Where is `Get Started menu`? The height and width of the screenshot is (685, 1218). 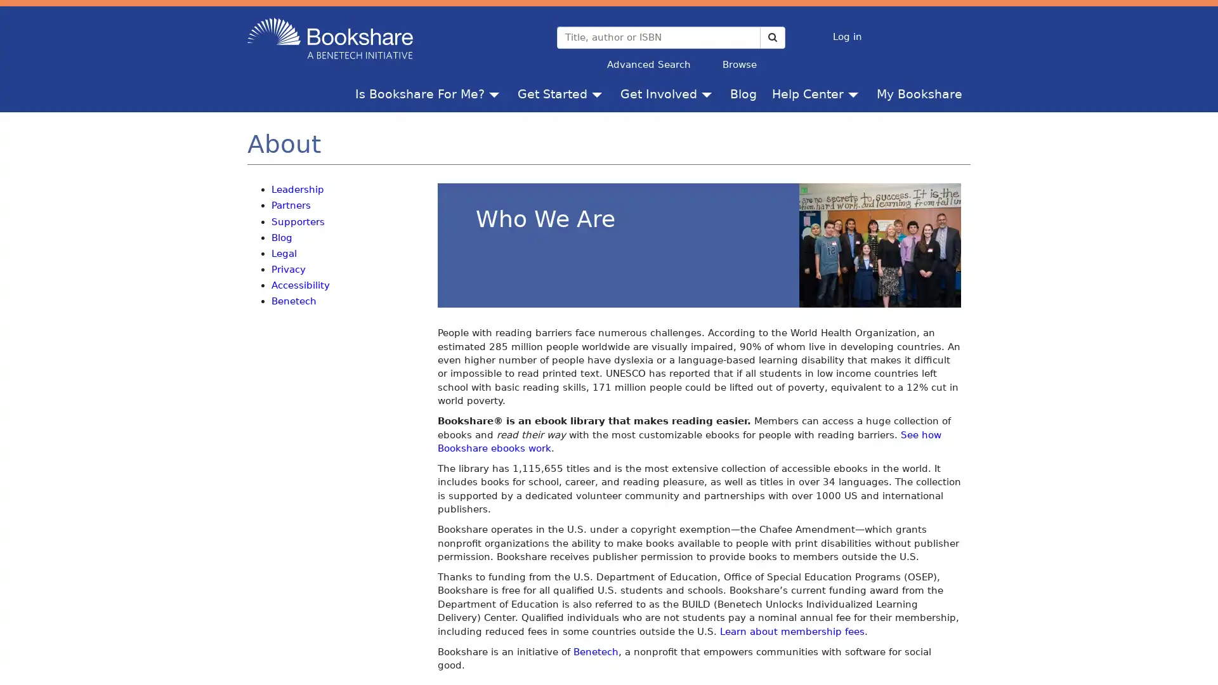 Get Started menu is located at coordinates (599, 93).